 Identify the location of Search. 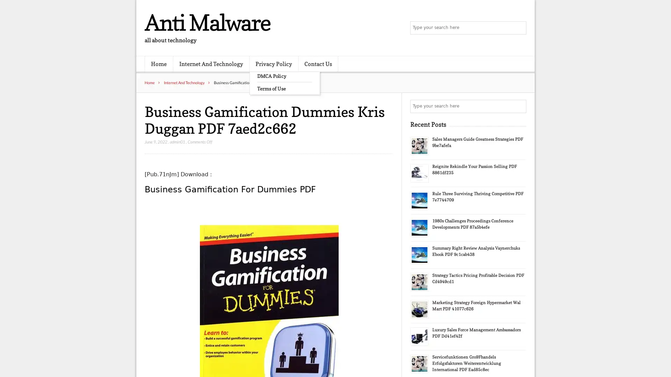
(519, 28).